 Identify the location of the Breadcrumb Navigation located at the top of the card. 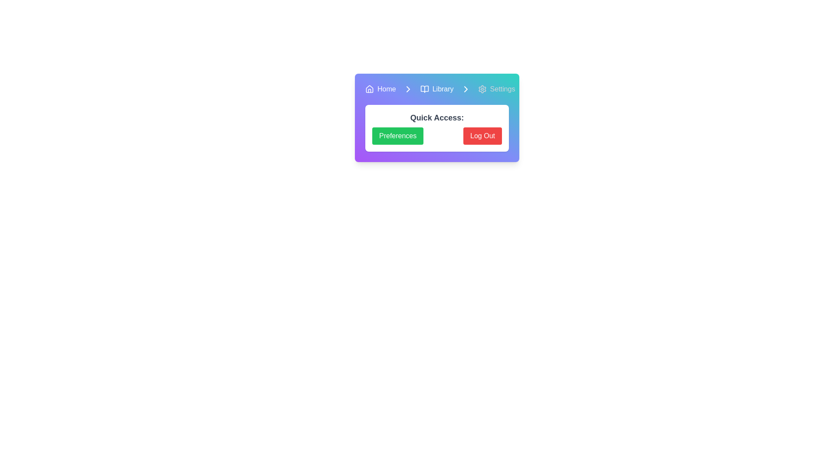
(437, 89).